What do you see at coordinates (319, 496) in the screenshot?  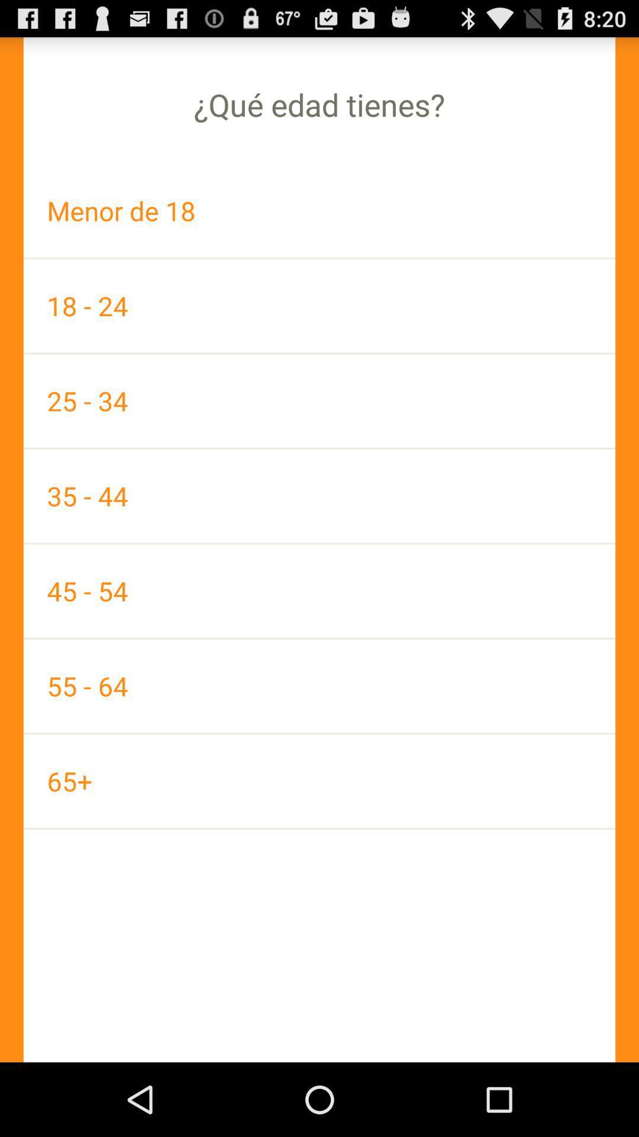 I see `the item above 45 - 54 app` at bounding box center [319, 496].